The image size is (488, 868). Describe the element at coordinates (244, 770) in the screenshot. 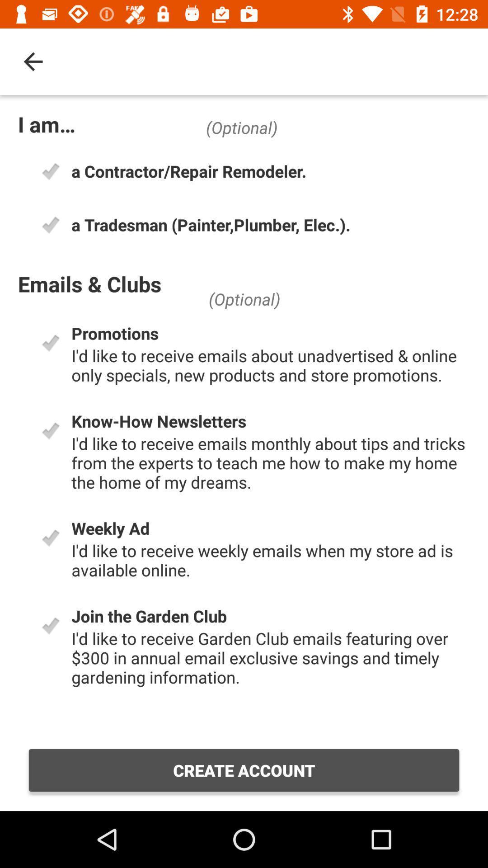

I see `create account` at that location.